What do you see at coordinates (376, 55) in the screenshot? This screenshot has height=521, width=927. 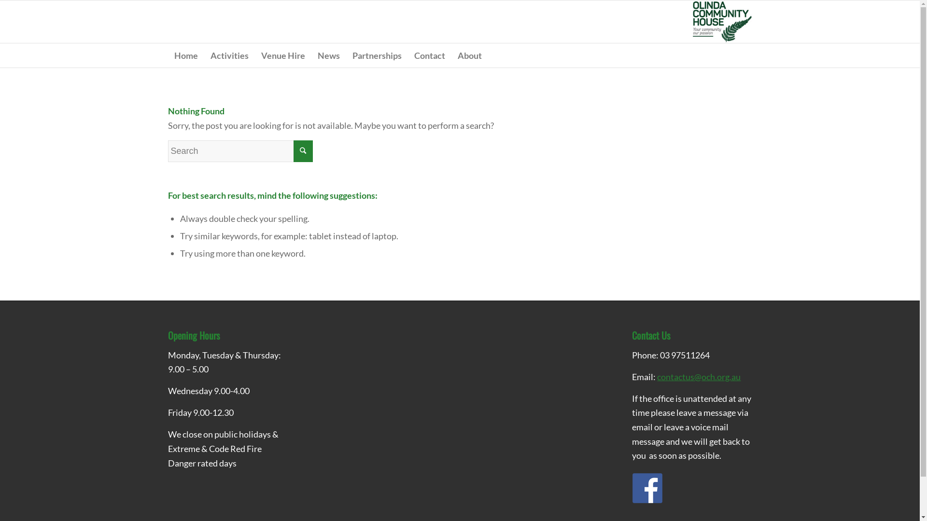 I see `'Partnerships'` at bounding box center [376, 55].